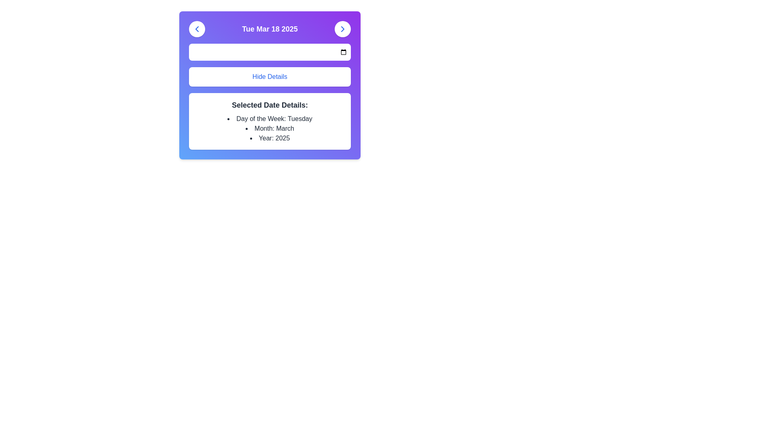 Image resolution: width=777 pixels, height=437 pixels. What do you see at coordinates (270, 85) in the screenshot?
I see `the second button in the vertical stack that hides additional information related to the selected date, located below the date header` at bounding box center [270, 85].